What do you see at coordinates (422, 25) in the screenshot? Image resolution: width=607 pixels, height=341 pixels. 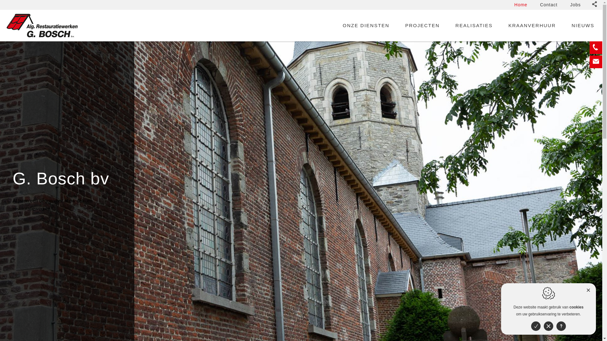 I see `'PROJECTEN'` at bounding box center [422, 25].